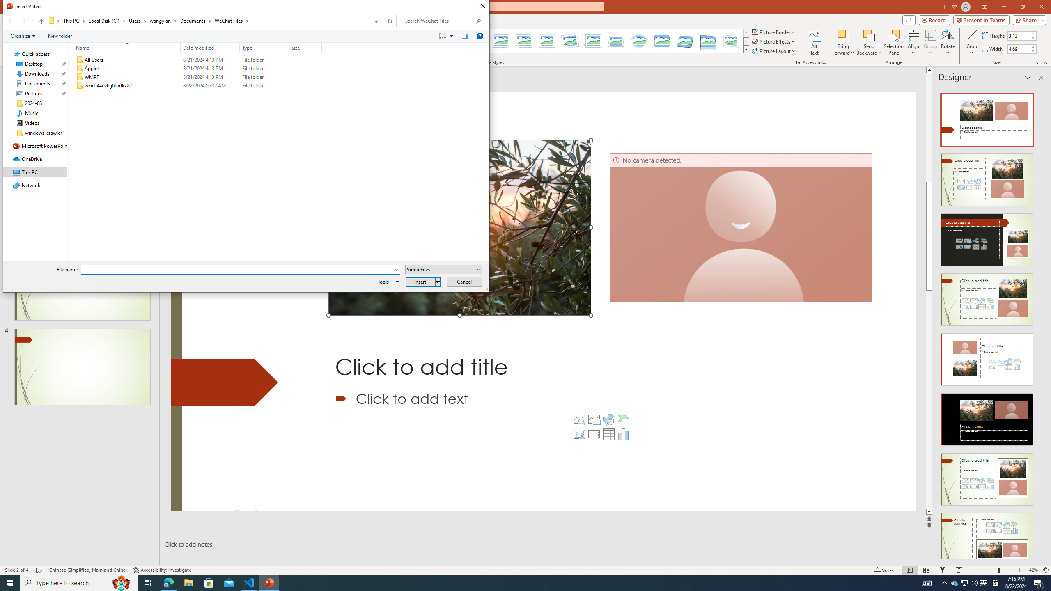 Image resolution: width=1051 pixels, height=591 pixels. I want to click on 'Bevel Rectangle', so click(661, 41).